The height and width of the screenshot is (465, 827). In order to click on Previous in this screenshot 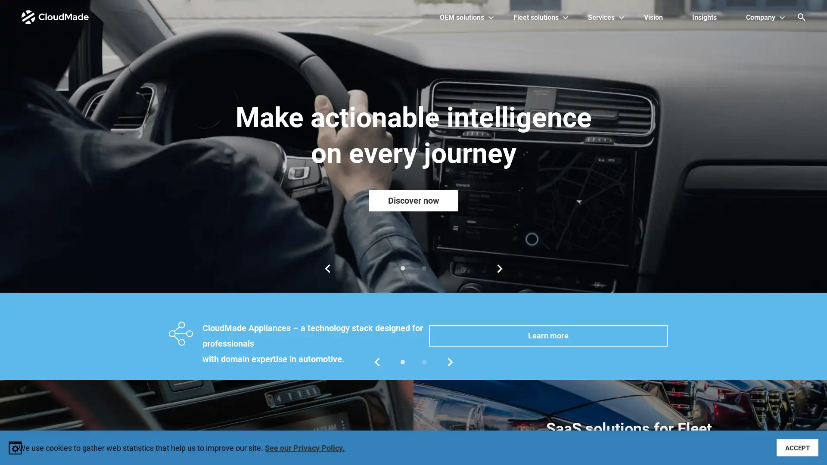, I will do `click(376, 362)`.